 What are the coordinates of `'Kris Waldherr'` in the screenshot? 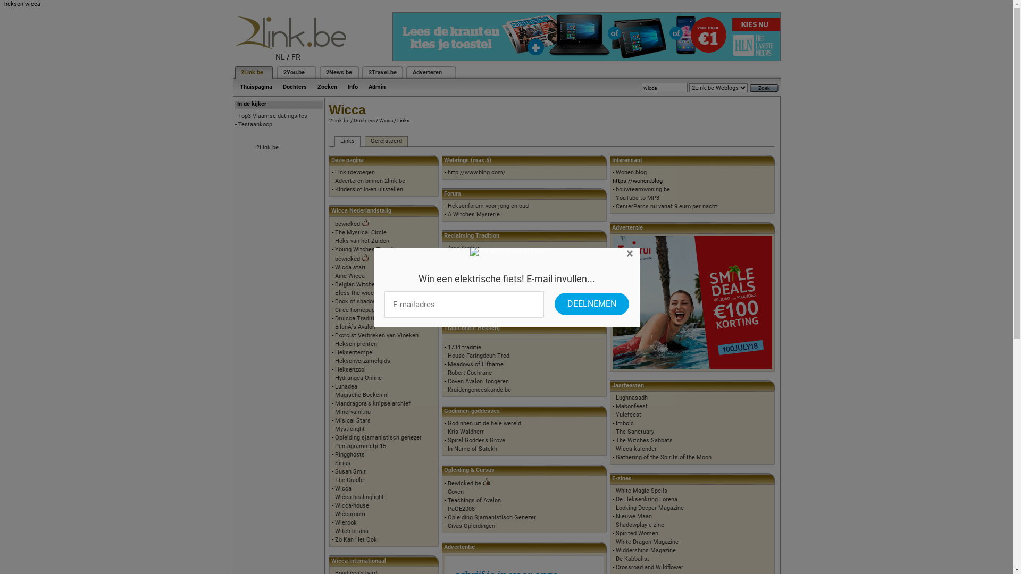 It's located at (465, 432).